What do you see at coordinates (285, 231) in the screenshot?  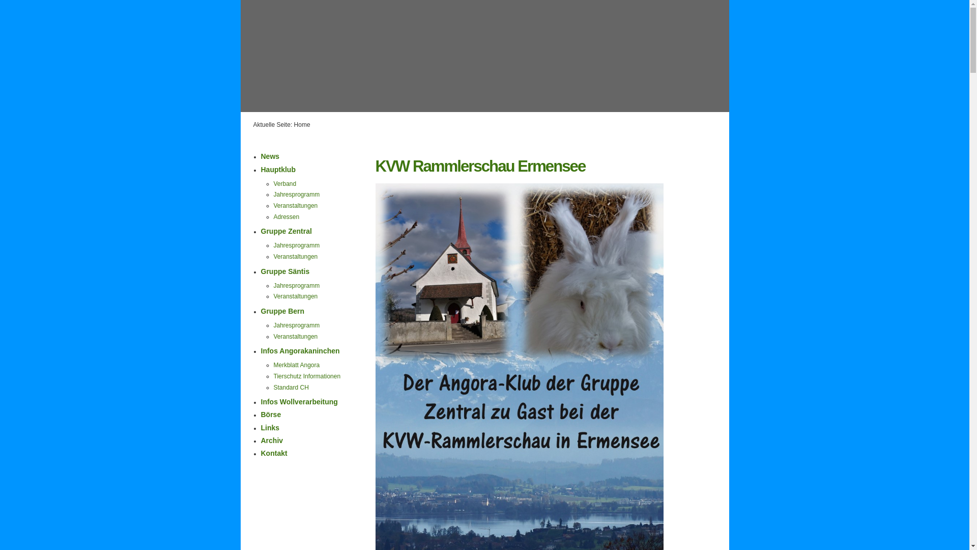 I see `'Gruppe Zentral'` at bounding box center [285, 231].